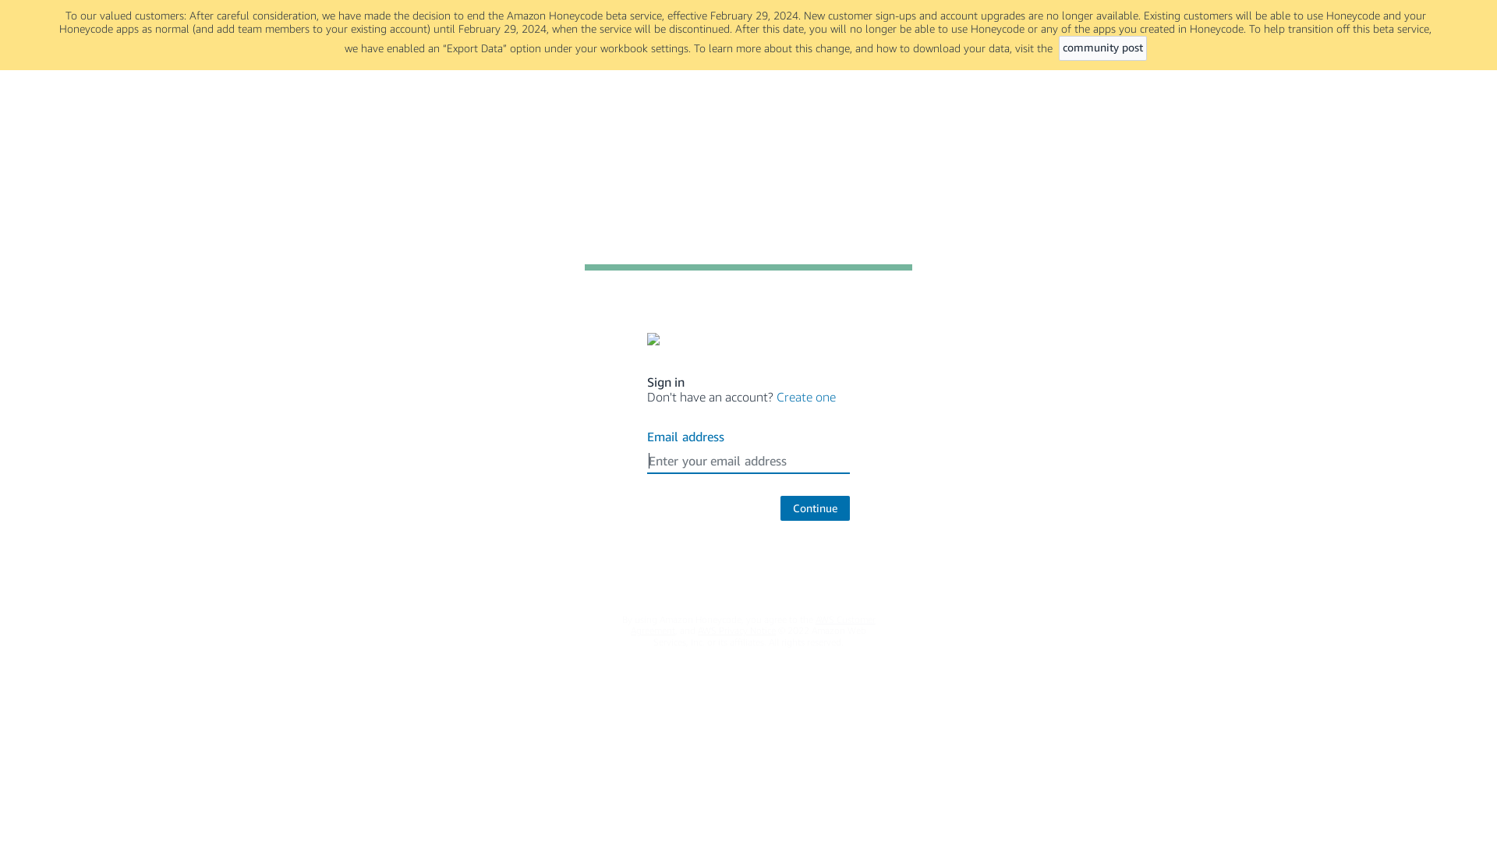 Image resolution: width=1497 pixels, height=842 pixels. What do you see at coordinates (1059, 47) in the screenshot?
I see `'community post'` at bounding box center [1059, 47].